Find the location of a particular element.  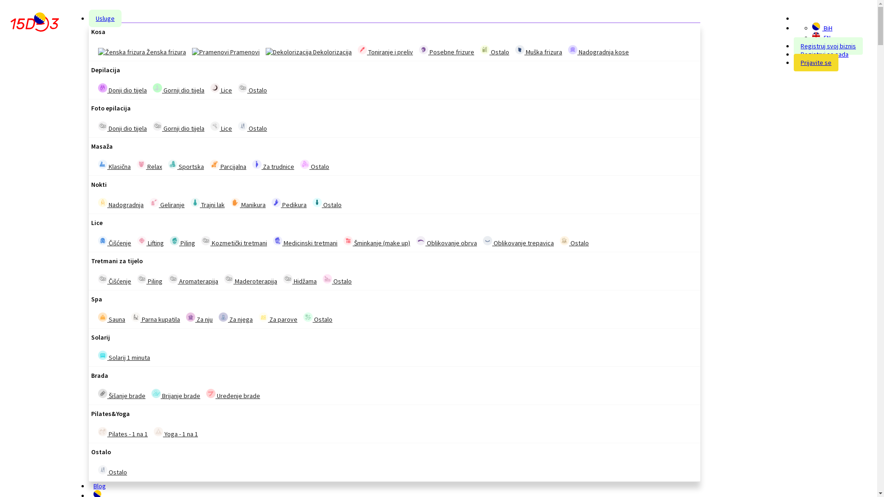

'Dekolorizacija' is located at coordinates (265, 52).